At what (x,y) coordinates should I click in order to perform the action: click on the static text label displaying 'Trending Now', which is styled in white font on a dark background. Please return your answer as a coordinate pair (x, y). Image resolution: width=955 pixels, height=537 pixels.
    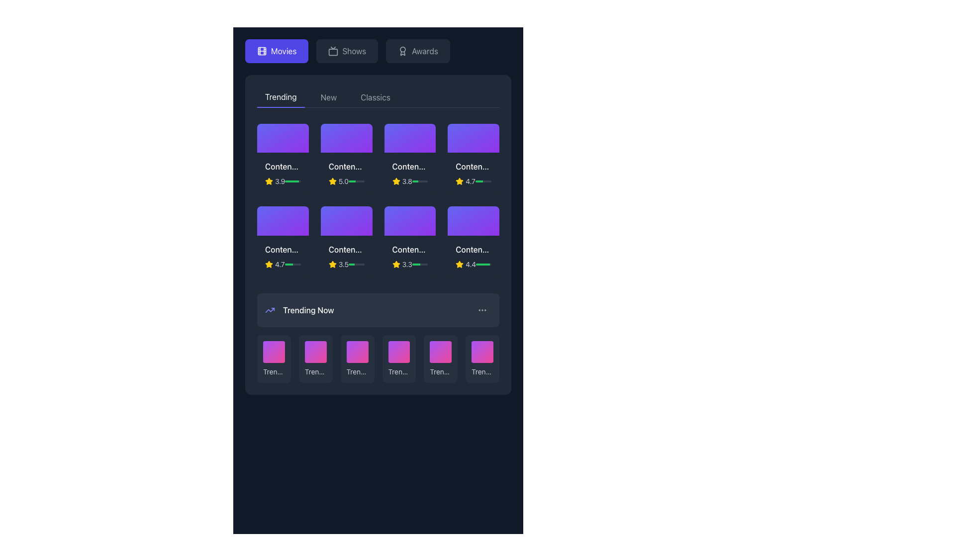
    Looking at the image, I should click on (308, 309).